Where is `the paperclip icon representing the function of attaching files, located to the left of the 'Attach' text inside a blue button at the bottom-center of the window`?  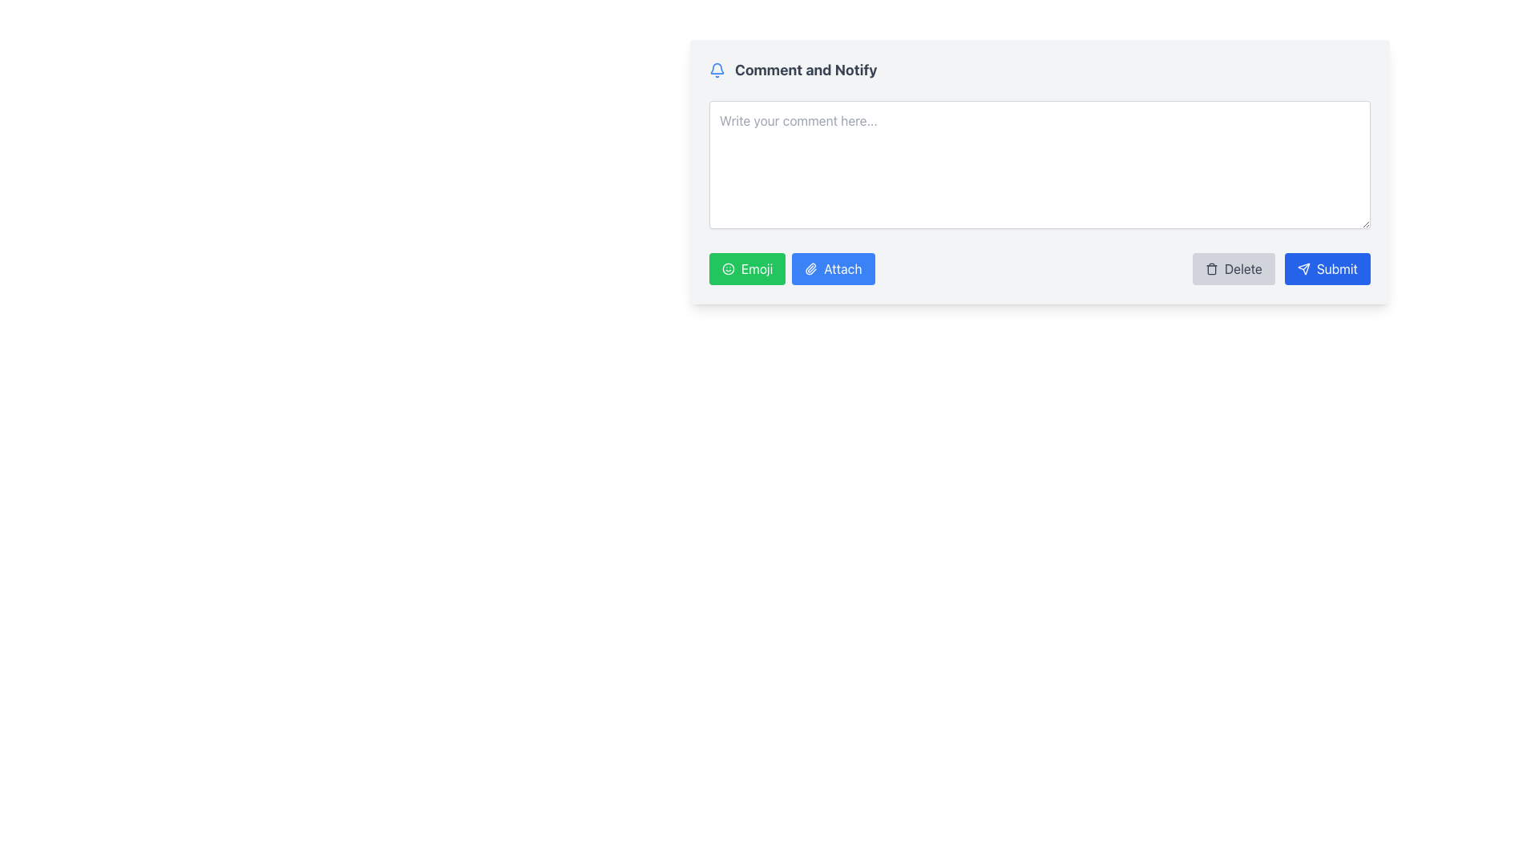
the paperclip icon representing the function of attaching files, located to the left of the 'Attach' text inside a blue button at the bottom-center of the window is located at coordinates (811, 268).